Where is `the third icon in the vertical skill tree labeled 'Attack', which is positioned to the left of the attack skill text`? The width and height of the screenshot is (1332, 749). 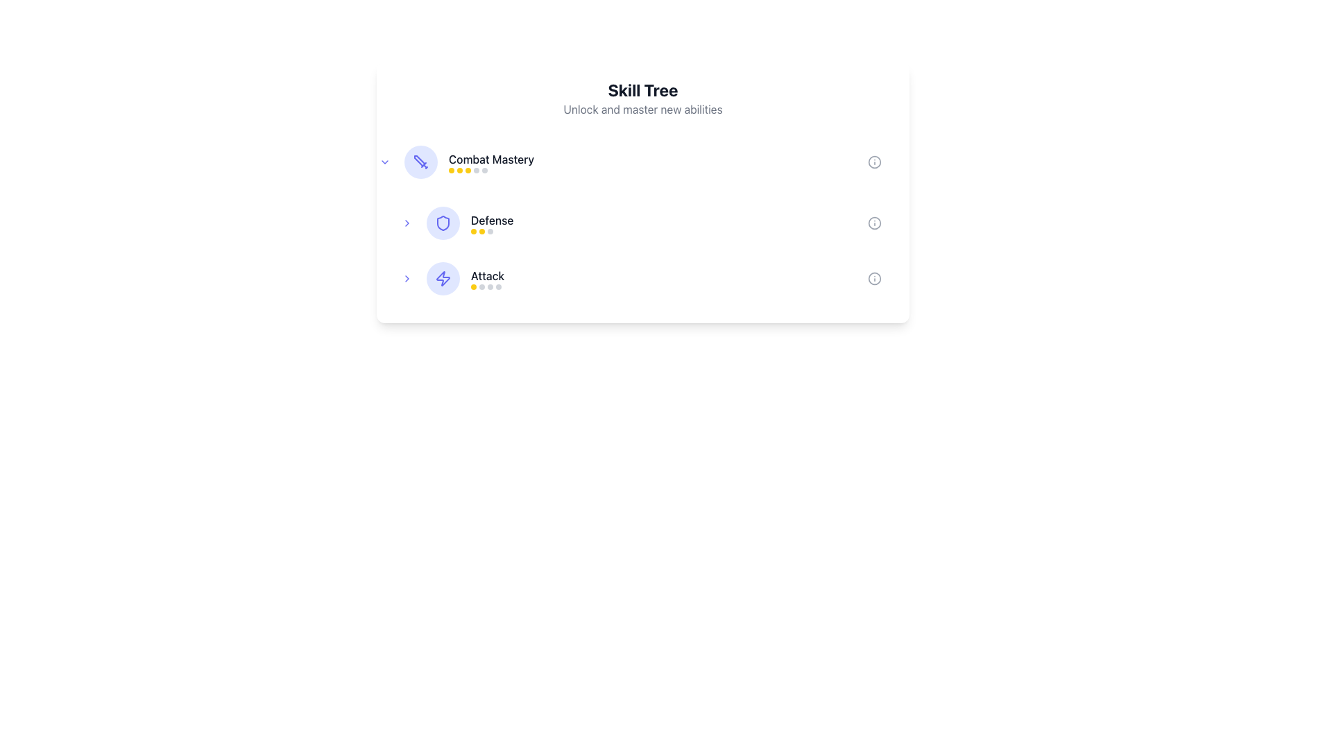 the third icon in the vertical skill tree labeled 'Attack', which is positioned to the left of the attack skill text is located at coordinates (442, 278).